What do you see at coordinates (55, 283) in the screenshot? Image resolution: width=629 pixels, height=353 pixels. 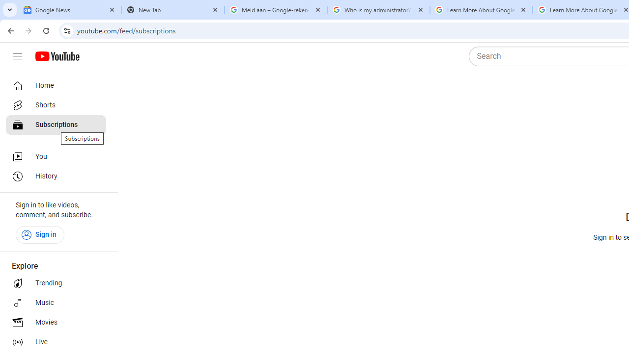 I see `'Trending'` at bounding box center [55, 283].